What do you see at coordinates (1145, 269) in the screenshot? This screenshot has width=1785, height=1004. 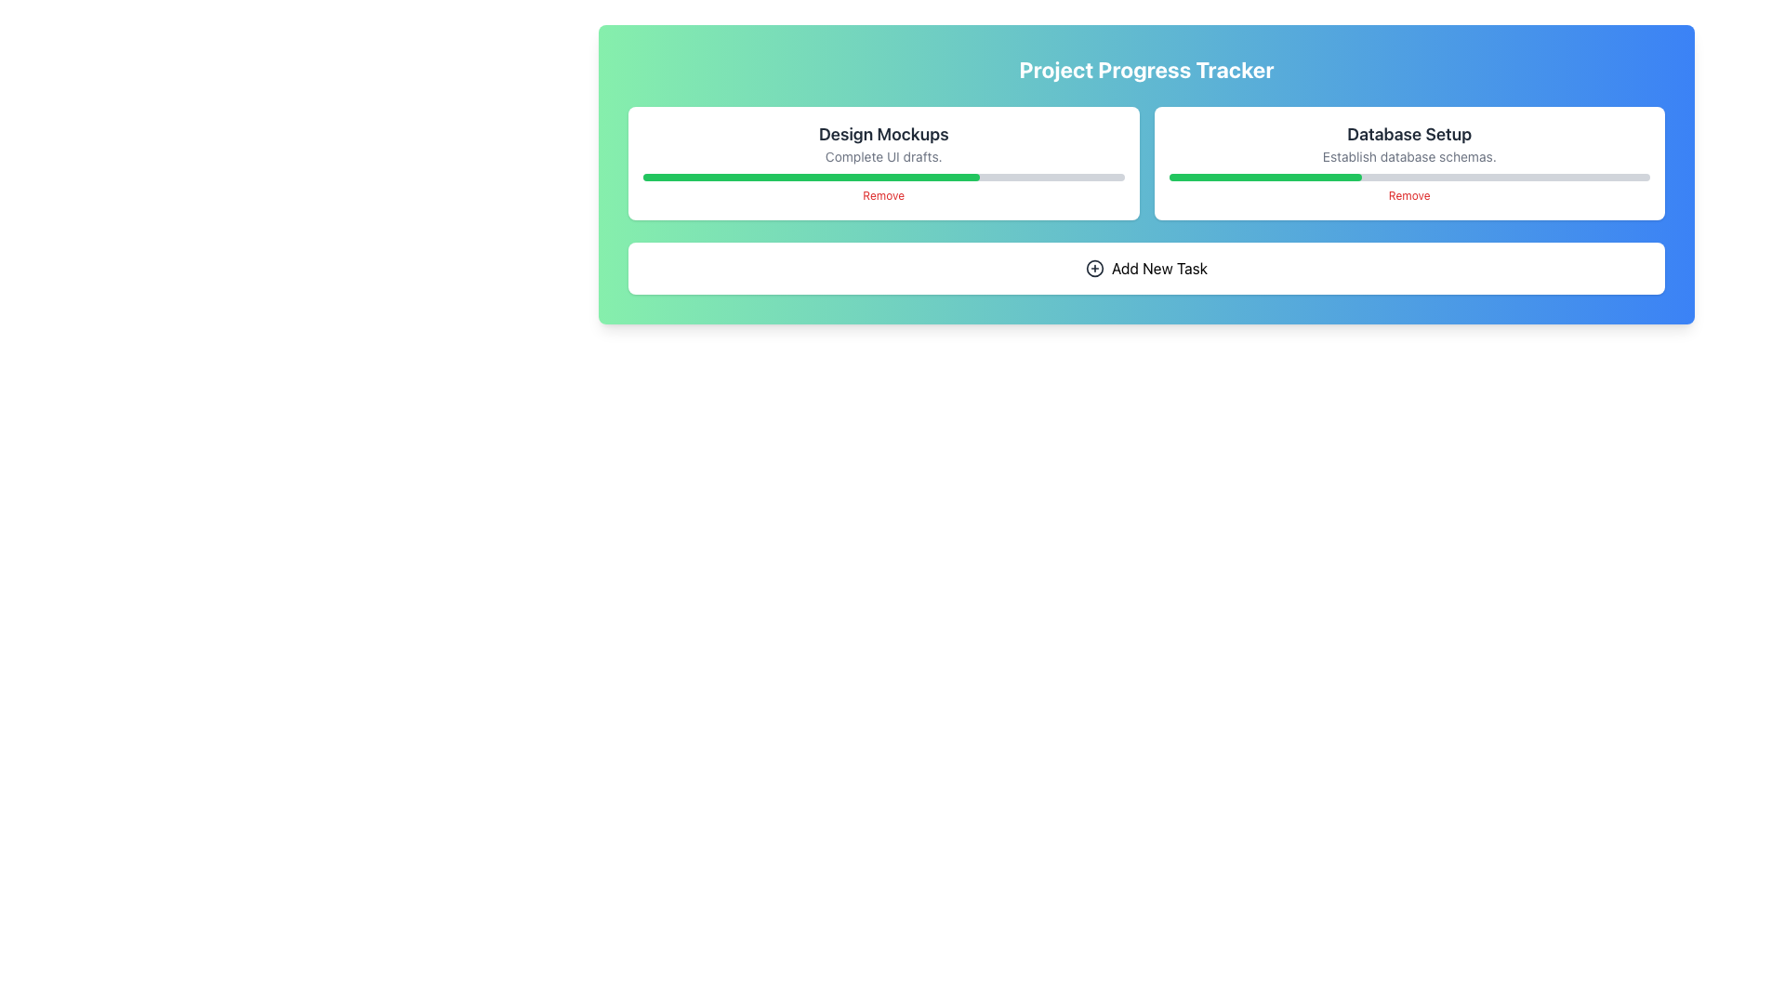 I see `the 'Add New Task' button, which is a rectangular button with rounded corners located at the bottom of the 'Project Progress Tracker' card` at bounding box center [1145, 269].